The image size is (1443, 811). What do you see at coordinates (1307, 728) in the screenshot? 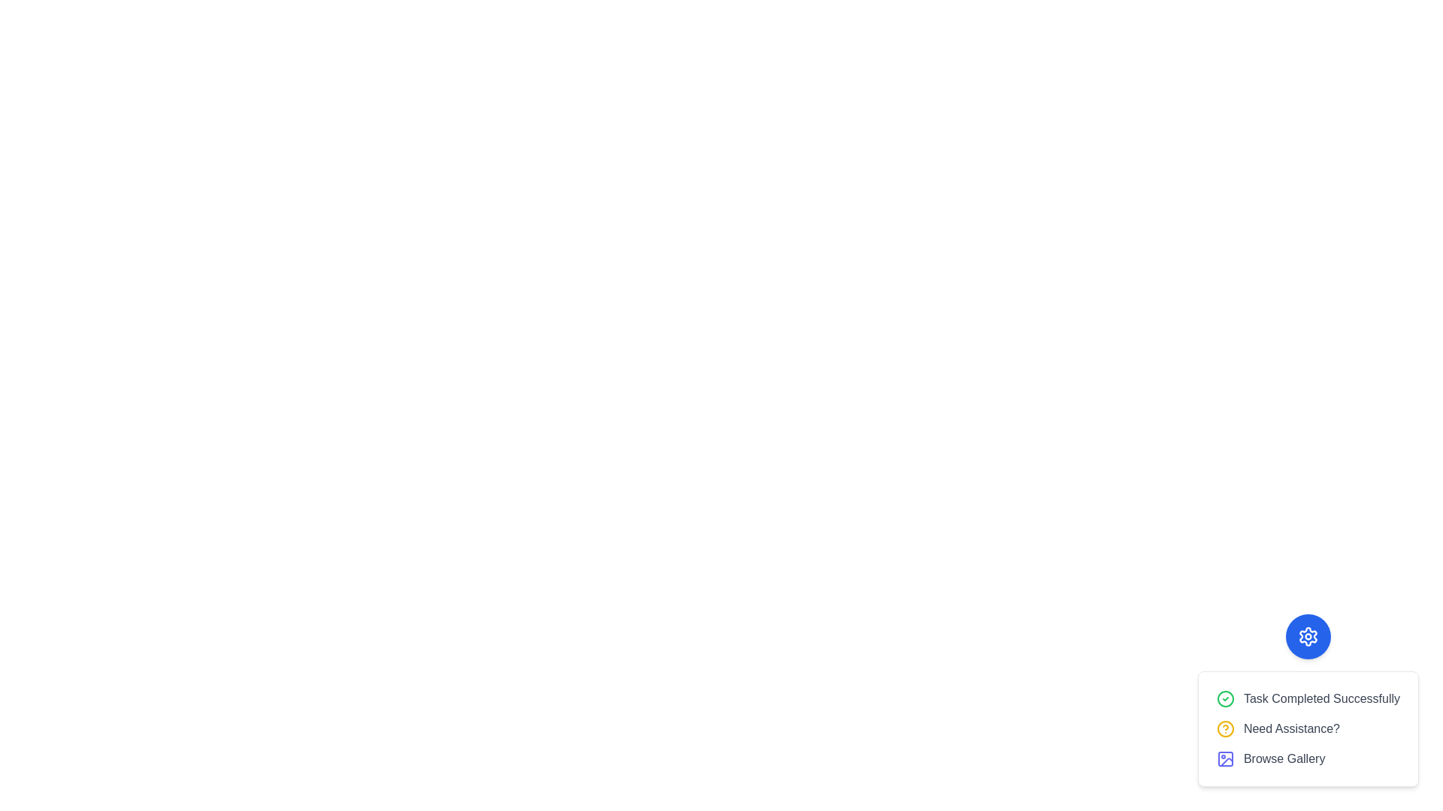
I see `the informational item with a yellow circular icon featuring a question mark and the text 'Need Assistance?'` at bounding box center [1307, 728].